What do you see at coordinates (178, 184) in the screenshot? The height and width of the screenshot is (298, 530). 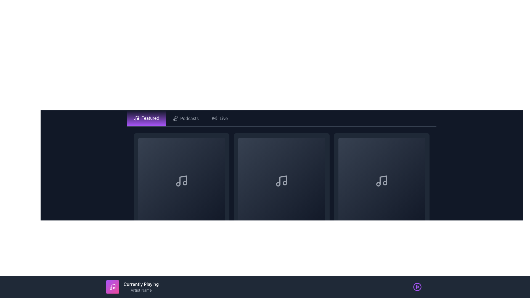 I see `the small filled circle located in the lower-left area of the music note icon, which is the first circular element in the SVG group` at bounding box center [178, 184].